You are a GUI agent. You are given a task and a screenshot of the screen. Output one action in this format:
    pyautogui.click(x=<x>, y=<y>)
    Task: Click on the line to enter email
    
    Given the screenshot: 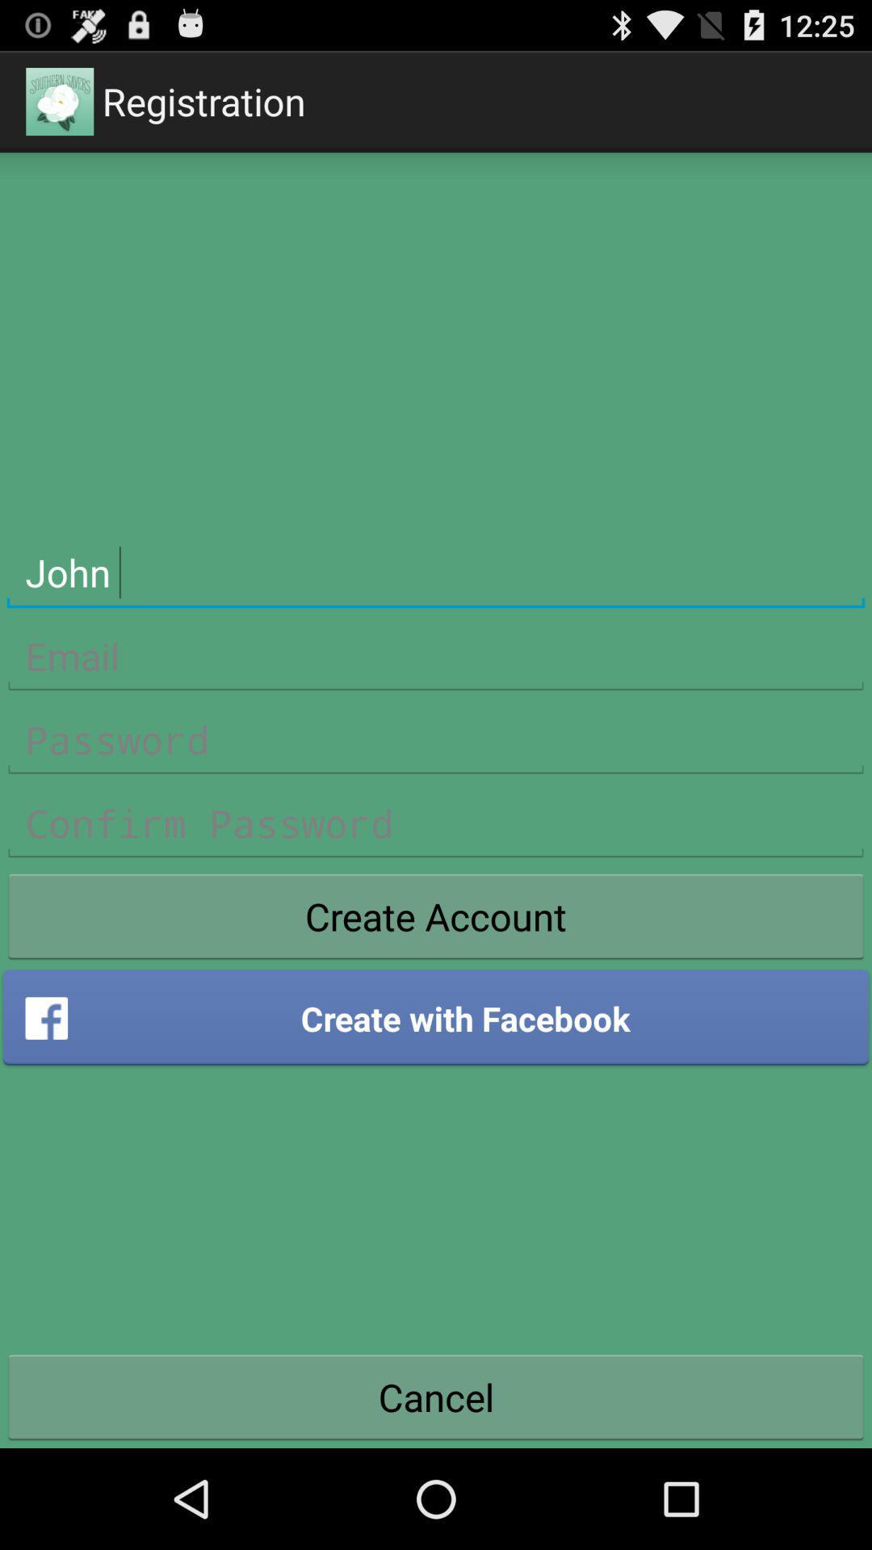 What is the action you would take?
    pyautogui.click(x=436, y=656)
    